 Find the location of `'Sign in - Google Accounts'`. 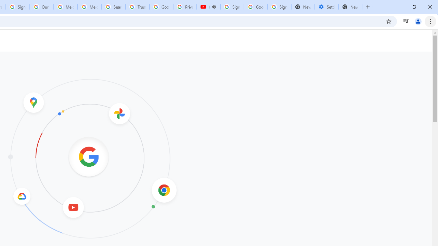

'Sign in - Google Accounts' is located at coordinates (17, 7).